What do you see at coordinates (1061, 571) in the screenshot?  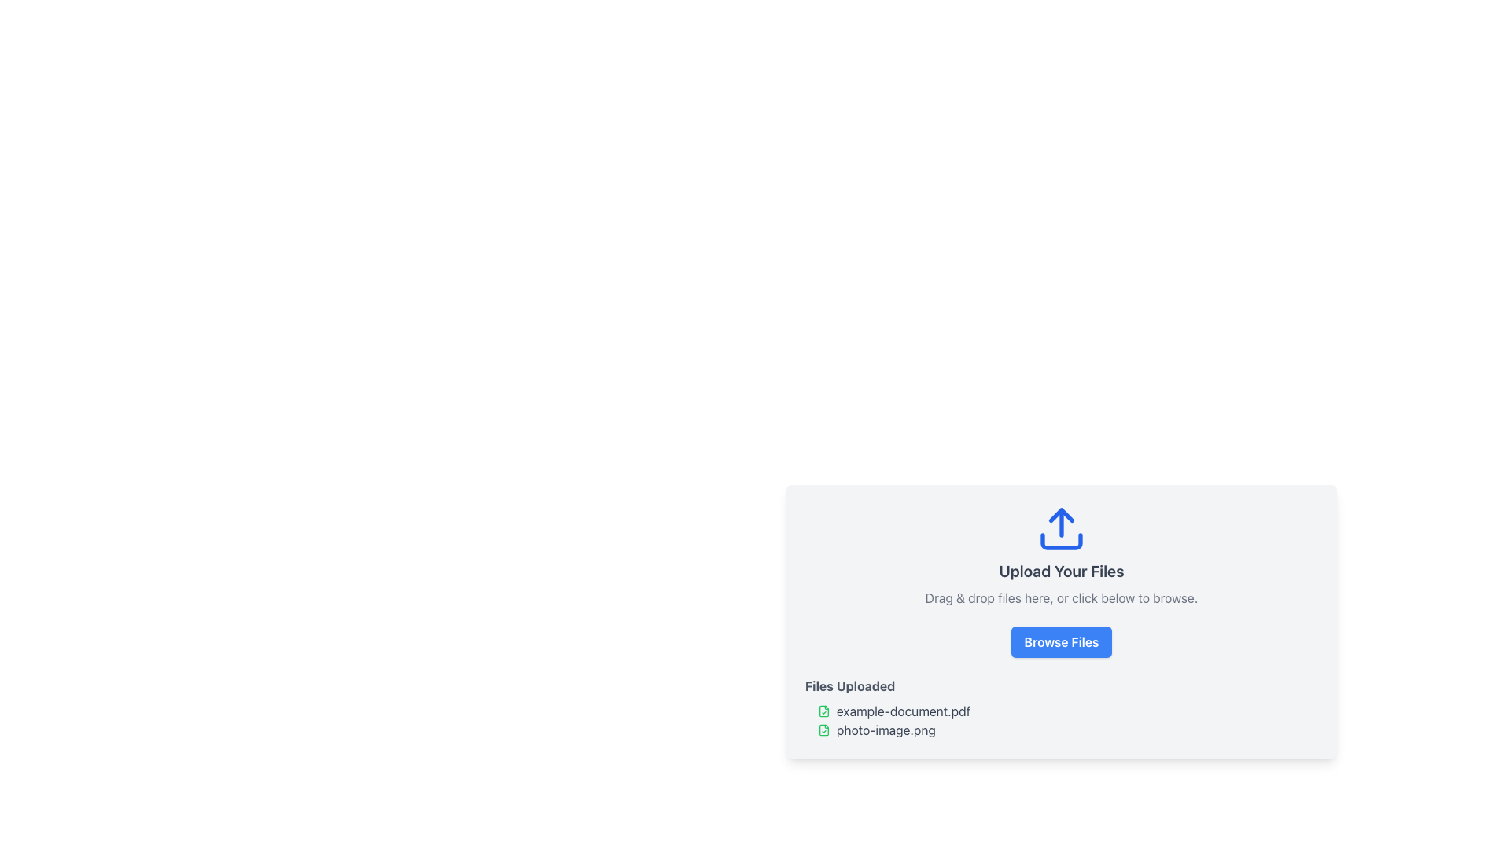 I see `the text label that reads 'Upload Your Files', which has a bold font style and is centrally positioned beneath a blue upload icon` at bounding box center [1061, 571].